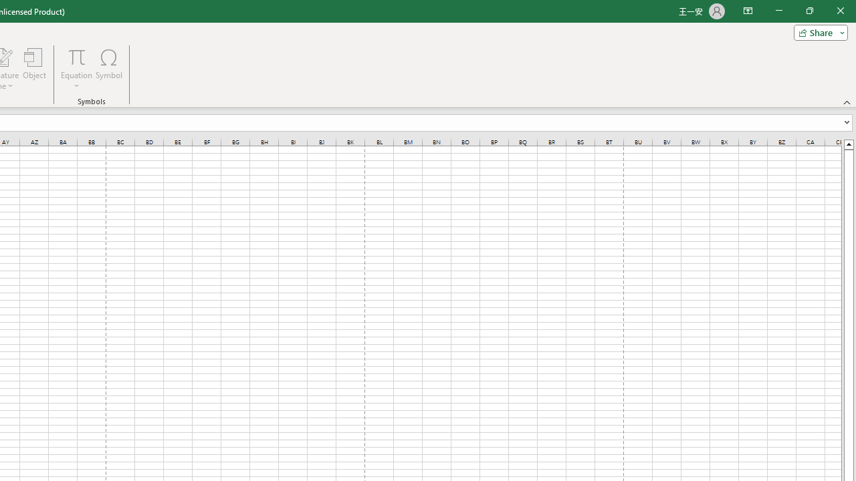 This screenshot has width=856, height=481. What do you see at coordinates (34, 69) in the screenshot?
I see `'Object...'` at bounding box center [34, 69].